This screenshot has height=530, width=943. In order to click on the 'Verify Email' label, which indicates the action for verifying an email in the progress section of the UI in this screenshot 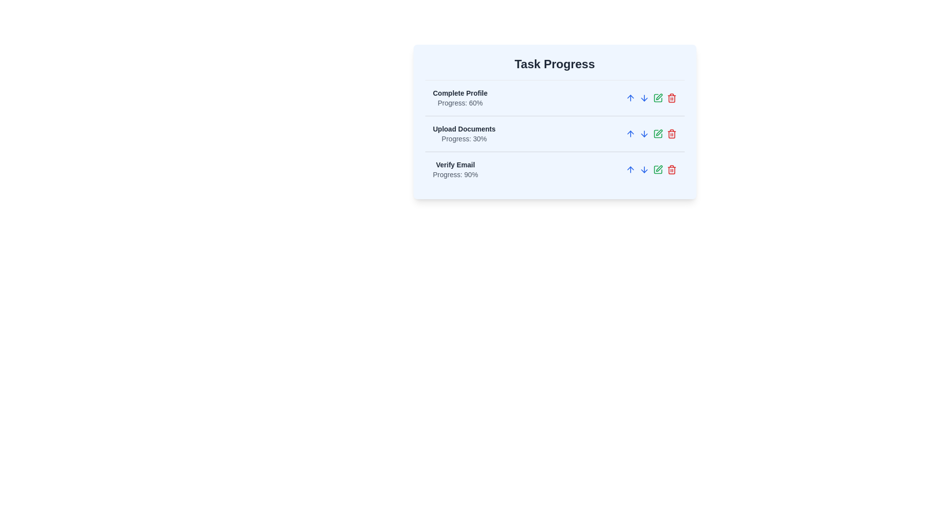, I will do `click(455, 164)`.